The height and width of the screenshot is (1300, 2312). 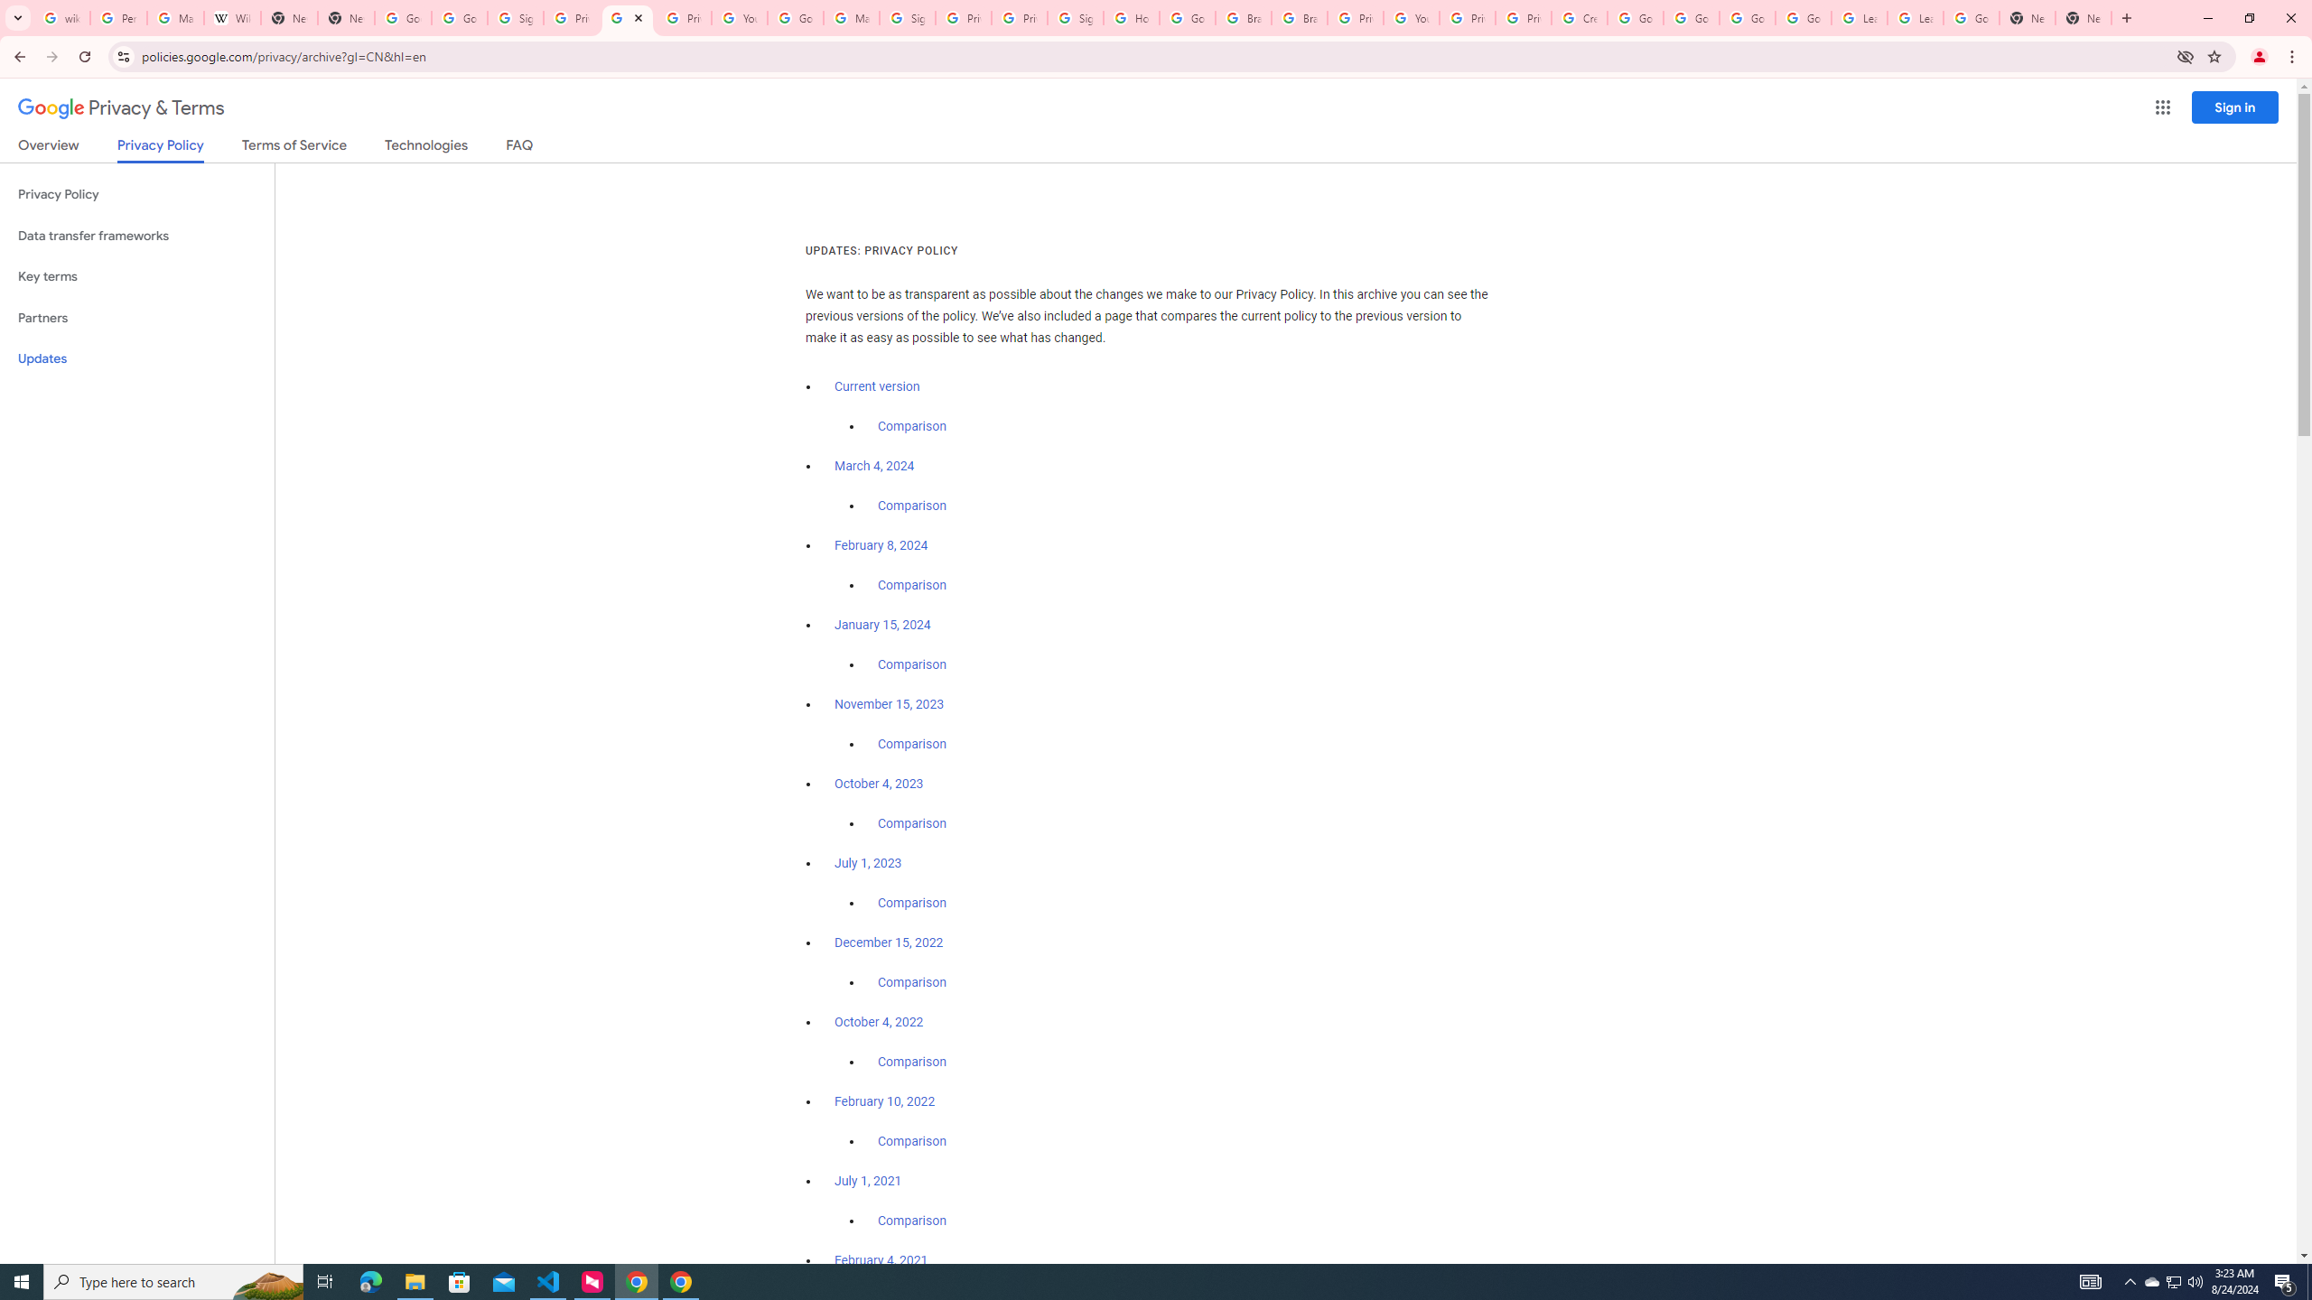 What do you see at coordinates (881, 545) in the screenshot?
I see `'February 8, 2024'` at bounding box center [881, 545].